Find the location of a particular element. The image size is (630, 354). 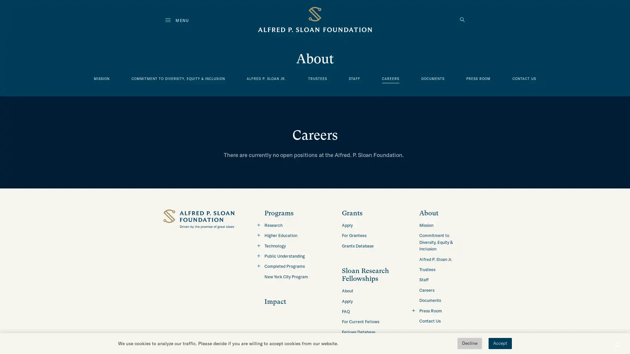

Click to expand this navigation menu is located at coordinates (258, 255).